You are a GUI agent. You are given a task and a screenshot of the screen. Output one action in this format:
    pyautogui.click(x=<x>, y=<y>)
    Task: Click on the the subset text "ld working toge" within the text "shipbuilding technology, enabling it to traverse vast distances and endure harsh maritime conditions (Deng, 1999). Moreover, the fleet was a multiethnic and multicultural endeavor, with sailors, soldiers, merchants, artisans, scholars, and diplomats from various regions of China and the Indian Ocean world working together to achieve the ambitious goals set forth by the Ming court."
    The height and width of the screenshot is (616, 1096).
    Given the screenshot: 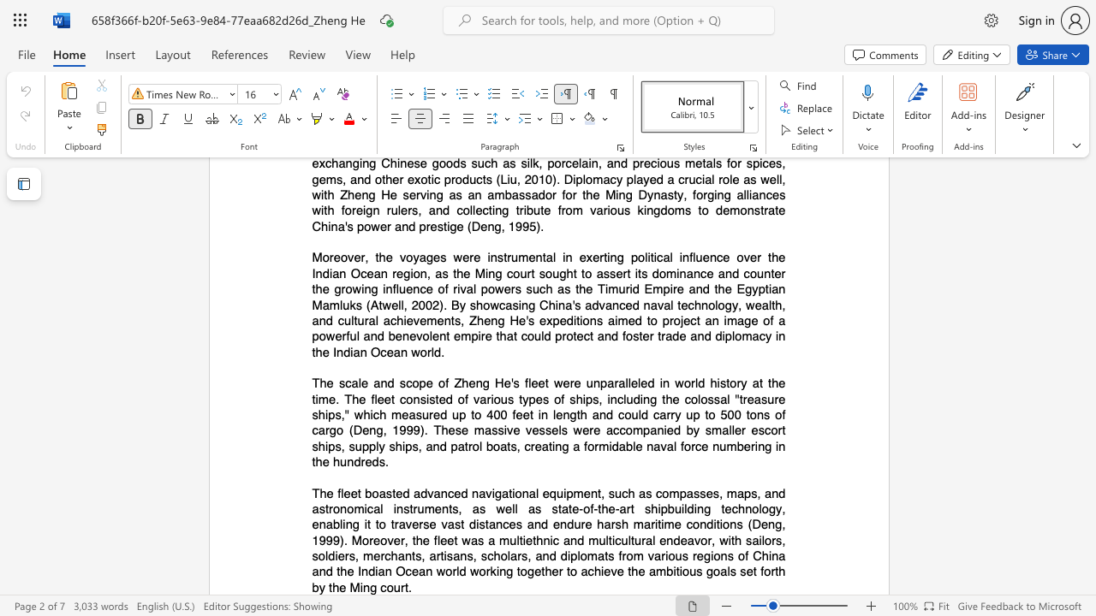 What is the action you would take?
    pyautogui.click(x=456, y=572)
    